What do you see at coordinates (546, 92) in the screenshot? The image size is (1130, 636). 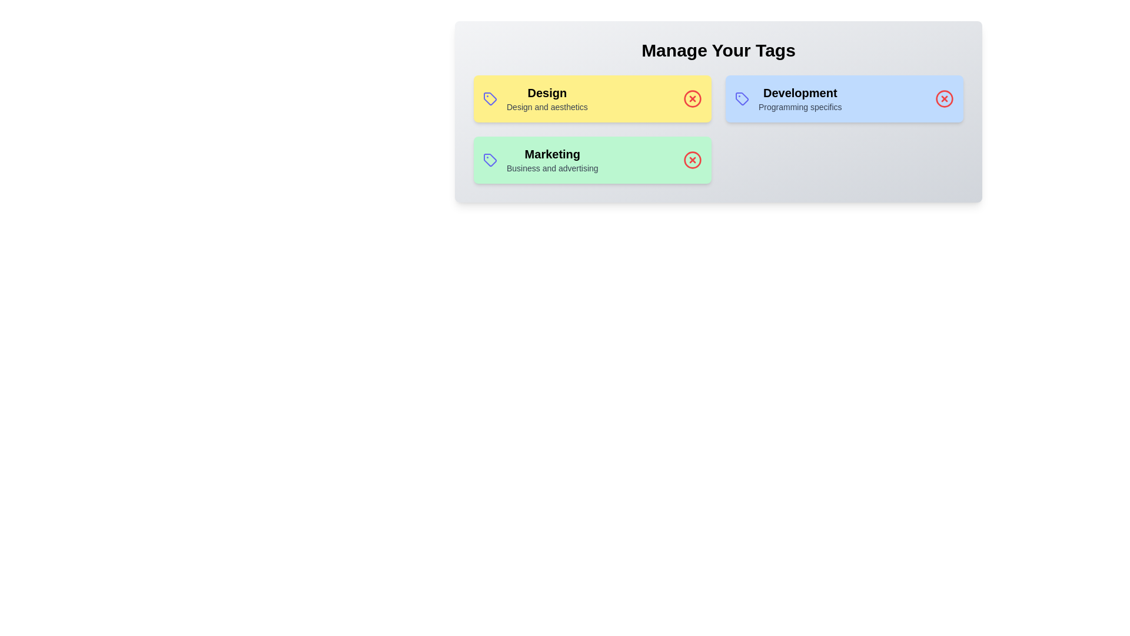 I see `the description of the tag labeled Design` at bounding box center [546, 92].